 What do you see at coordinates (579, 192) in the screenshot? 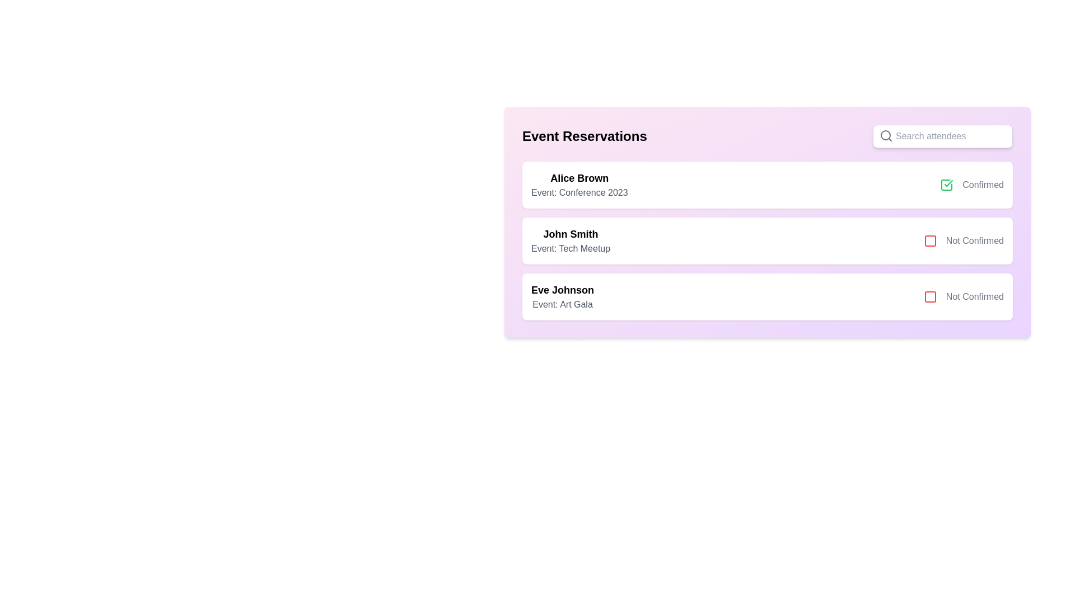
I see `text element displaying 'Event: Conference 2023' located below 'Alice Brown' in the first attendee card` at bounding box center [579, 192].